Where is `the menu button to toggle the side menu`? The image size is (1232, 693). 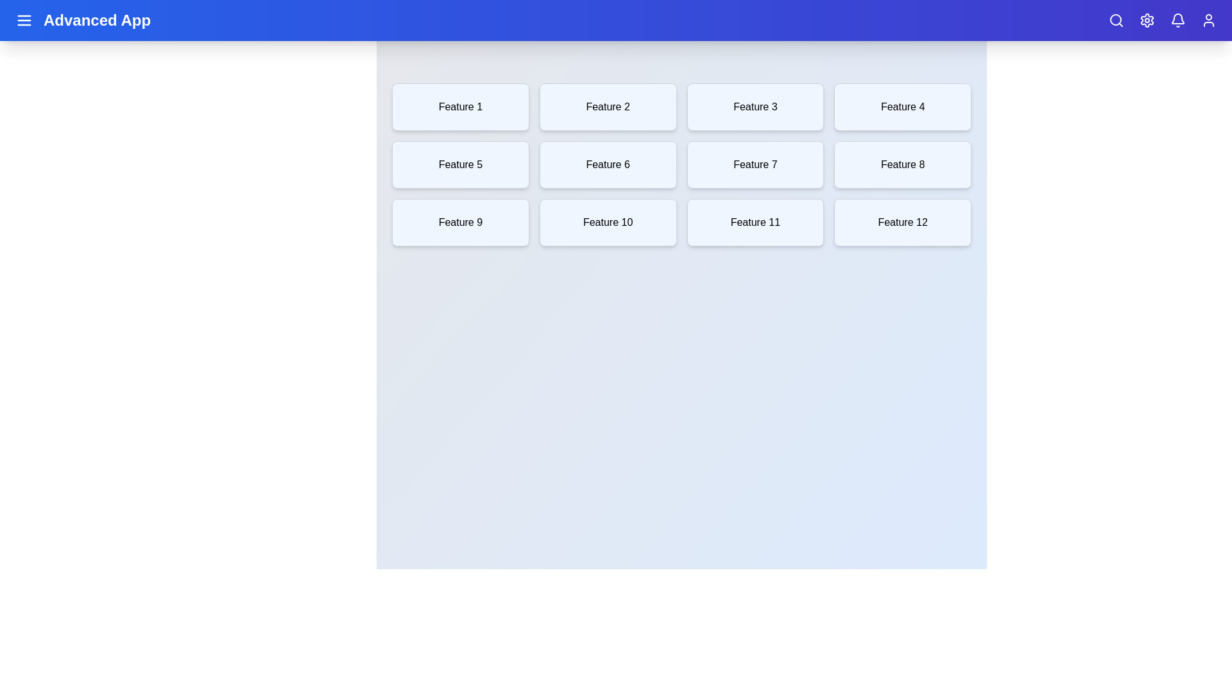
the menu button to toggle the side menu is located at coordinates (24, 20).